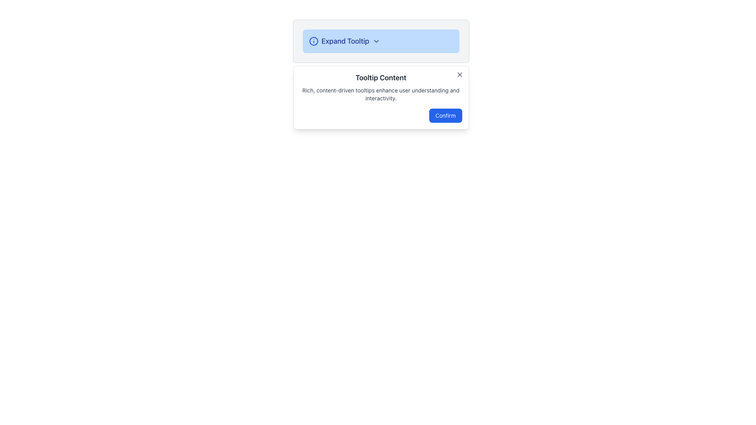 This screenshot has width=756, height=425. Describe the element at coordinates (381, 78) in the screenshot. I see `the Static Text displaying 'Tooltip Content', which is located below the 'Expand Tooltip' section and above the description text and confirm button` at that location.